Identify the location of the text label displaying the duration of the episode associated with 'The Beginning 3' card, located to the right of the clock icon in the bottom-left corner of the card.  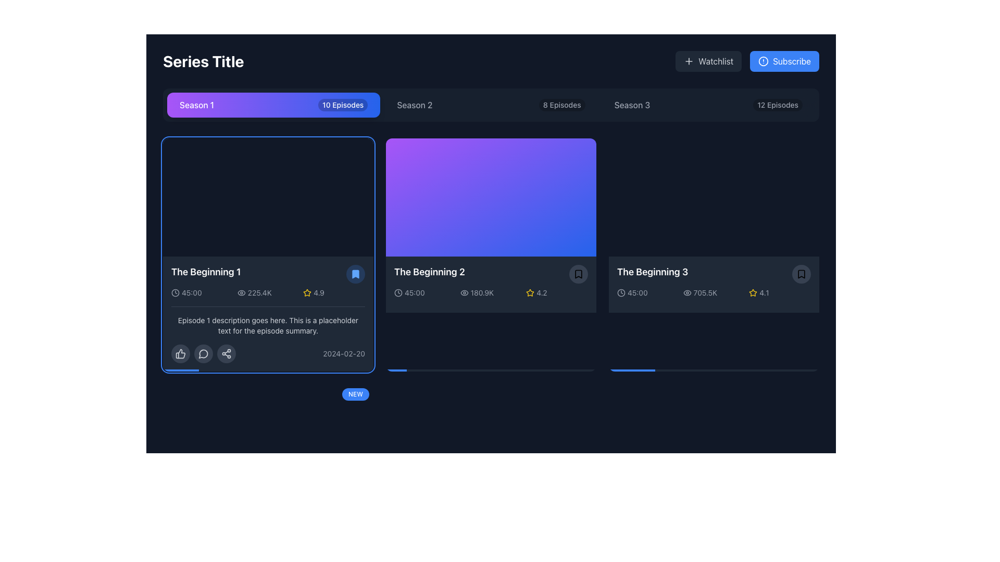
(637, 293).